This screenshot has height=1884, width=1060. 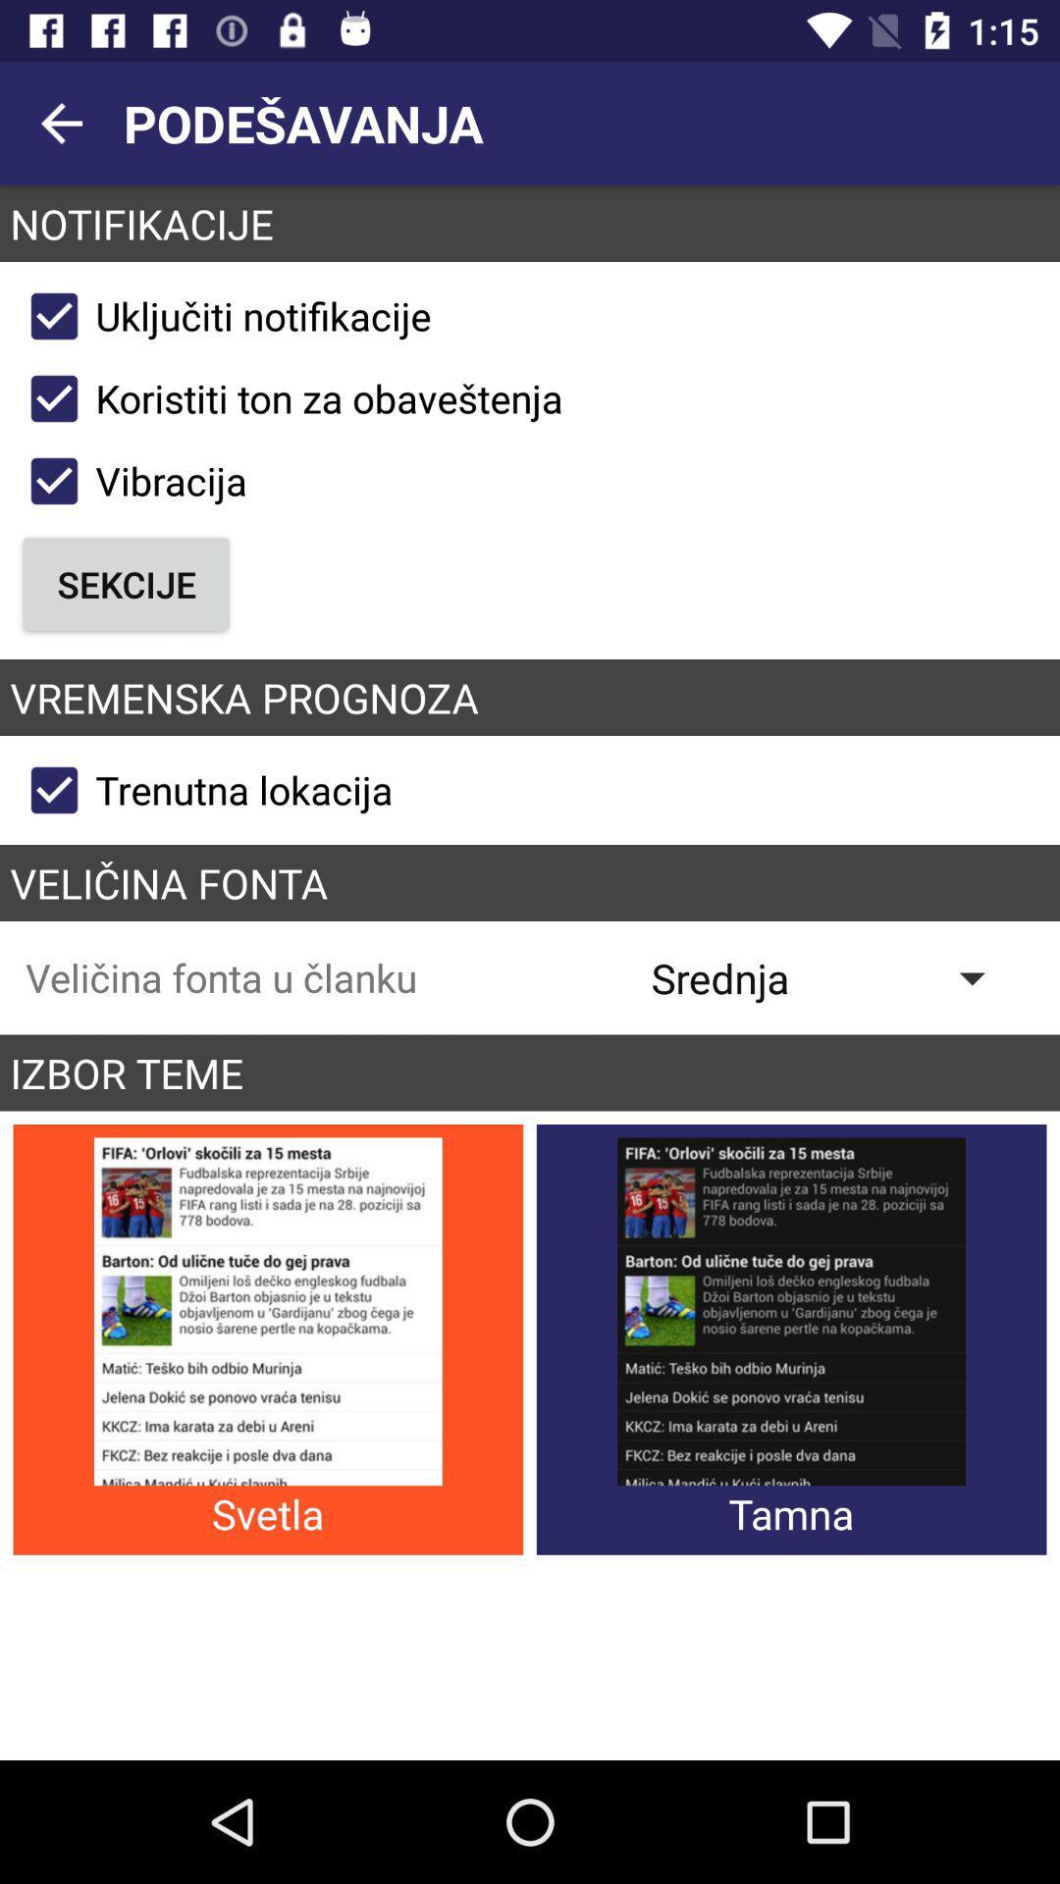 What do you see at coordinates (288, 398) in the screenshot?
I see `the check box above second` at bounding box center [288, 398].